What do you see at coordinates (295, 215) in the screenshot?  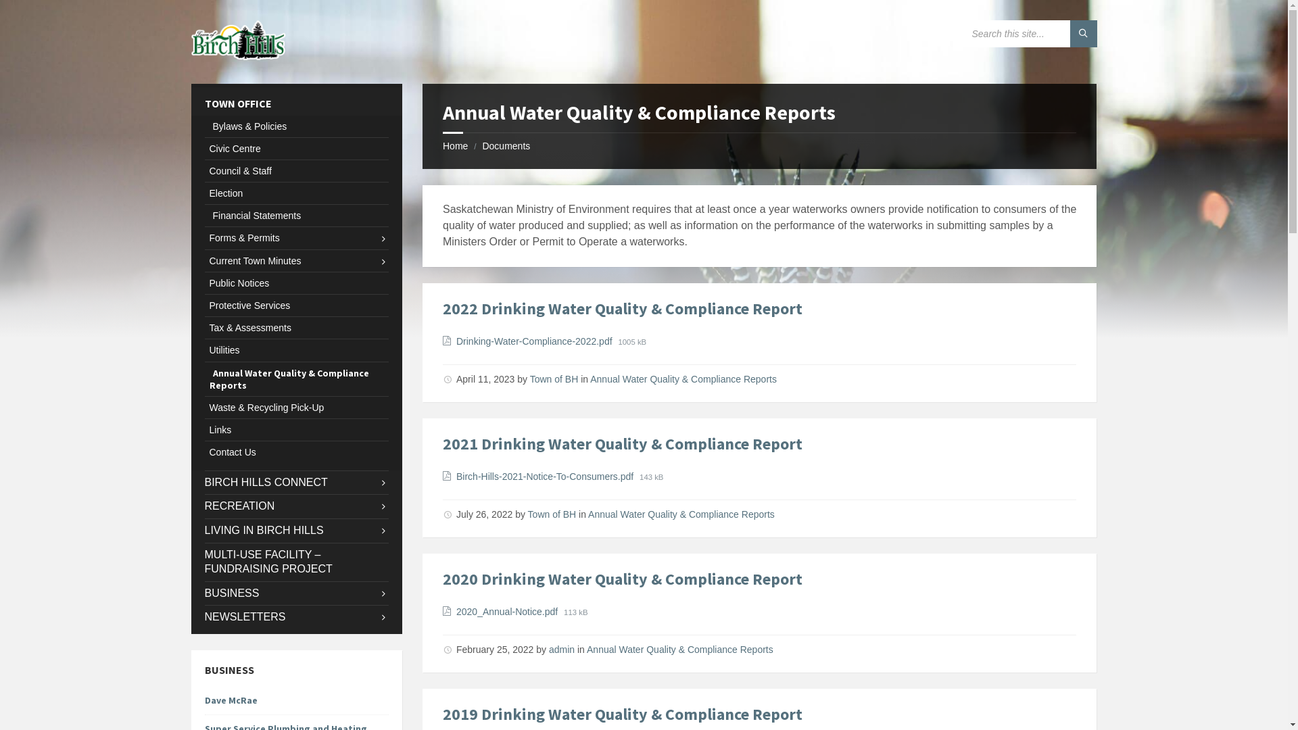 I see `'Financial Statements'` at bounding box center [295, 215].